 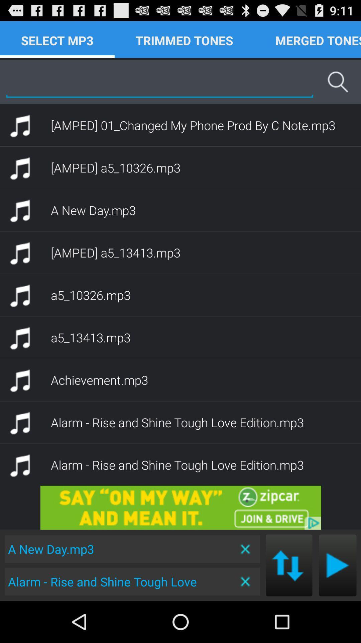 What do you see at coordinates (246, 622) in the screenshot?
I see `the close icon` at bounding box center [246, 622].